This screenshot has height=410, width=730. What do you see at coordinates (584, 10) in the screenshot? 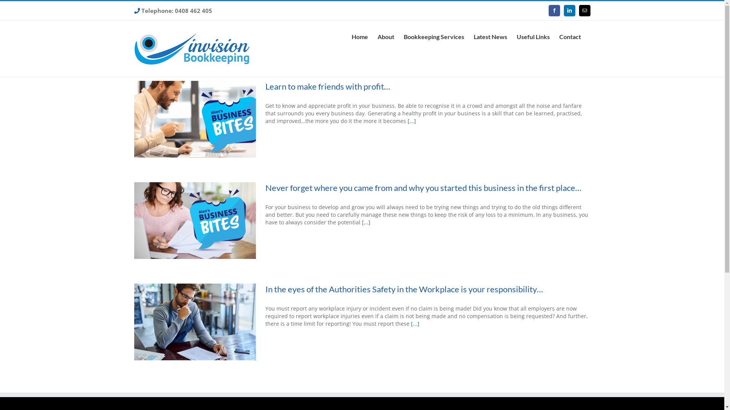
I see `'Email'` at bounding box center [584, 10].